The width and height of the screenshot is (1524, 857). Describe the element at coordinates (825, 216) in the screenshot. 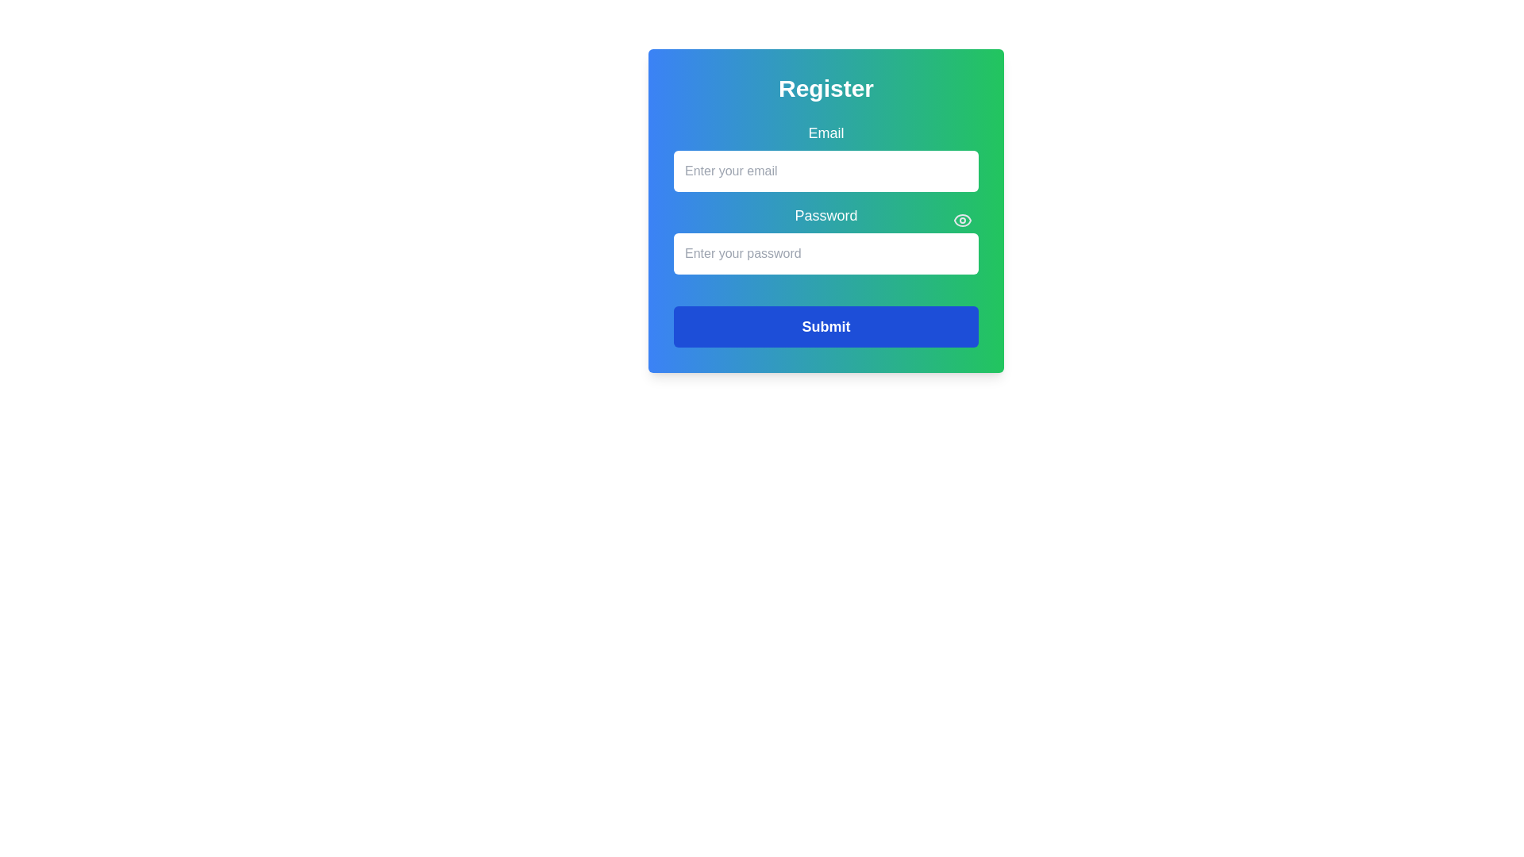

I see `the Text Label that describes the password input field, which is centrally placed horizontally in the form and slightly above the password field` at that location.